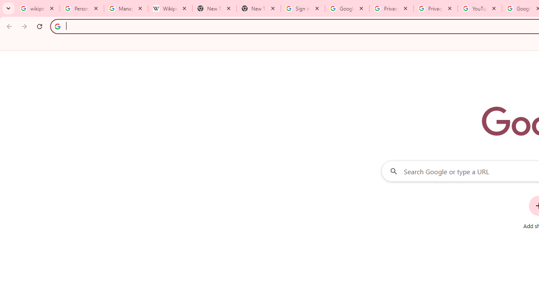 The width and height of the screenshot is (539, 303). What do you see at coordinates (170, 8) in the screenshot?
I see `'Wikipedia:Edit requests - Wikipedia'` at bounding box center [170, 8].